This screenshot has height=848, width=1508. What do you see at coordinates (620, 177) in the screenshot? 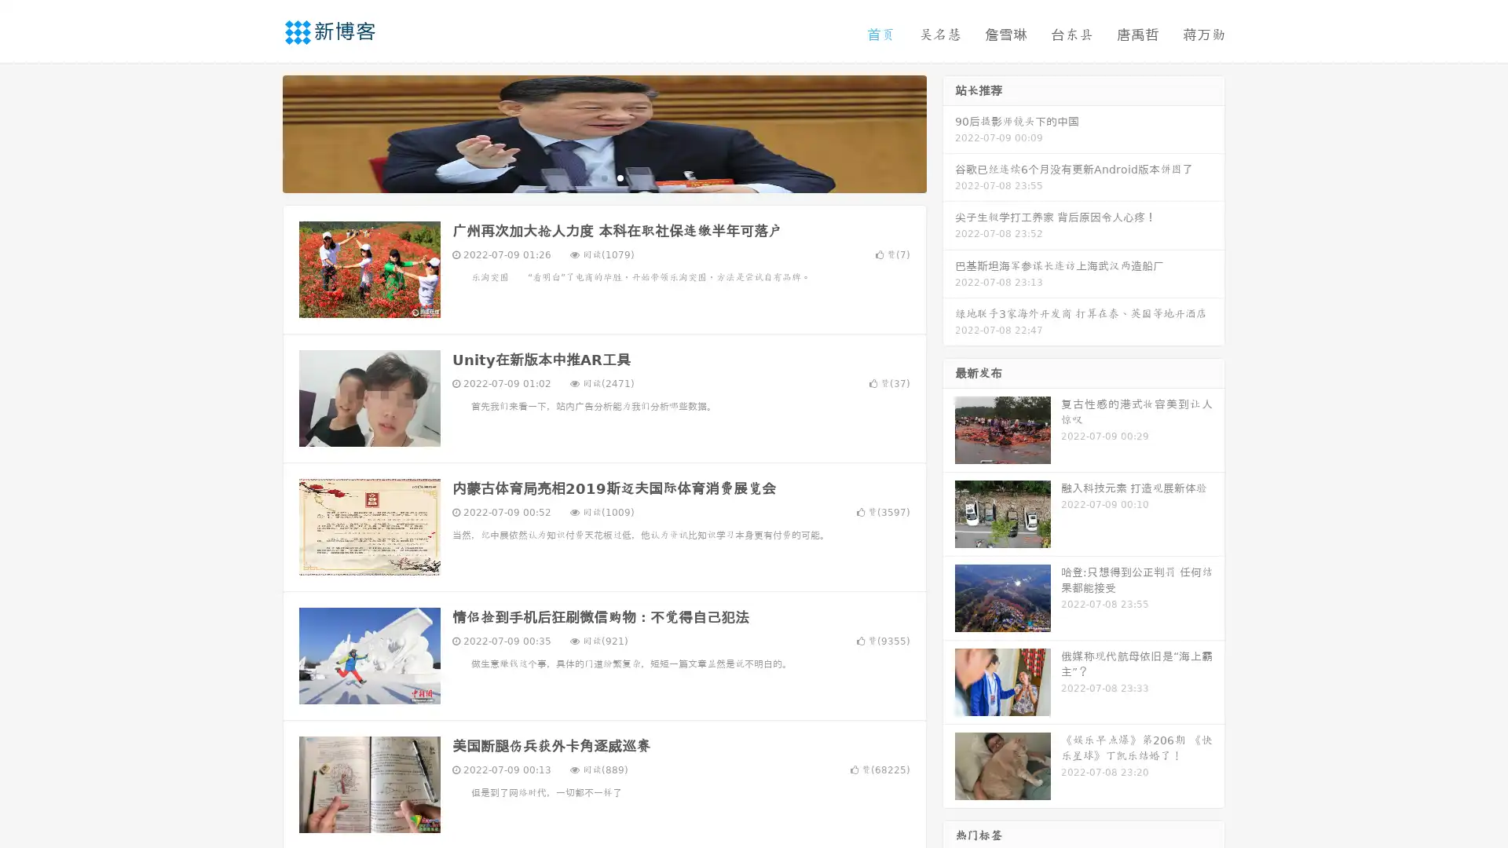
I see `Go to slide 3` at bounding box center [620, 177].